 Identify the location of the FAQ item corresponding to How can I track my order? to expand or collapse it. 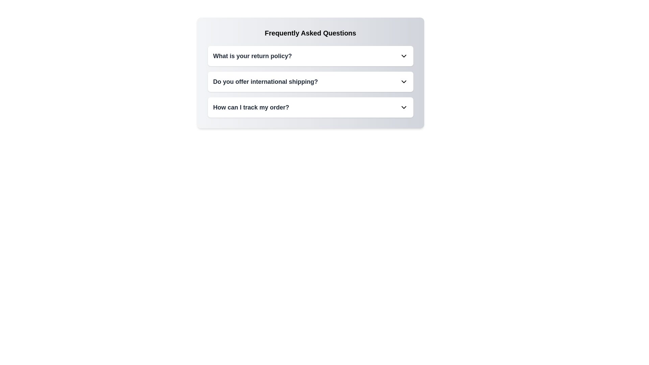
(310, 107).